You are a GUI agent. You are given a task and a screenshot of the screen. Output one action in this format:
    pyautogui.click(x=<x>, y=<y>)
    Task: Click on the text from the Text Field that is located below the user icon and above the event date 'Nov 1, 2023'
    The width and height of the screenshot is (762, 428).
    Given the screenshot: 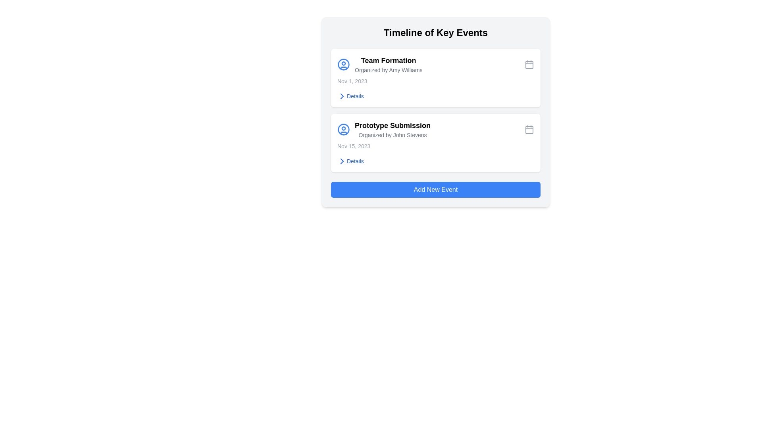 What is the action you would take?
    pyautogui.click(x=389, y=64)
    